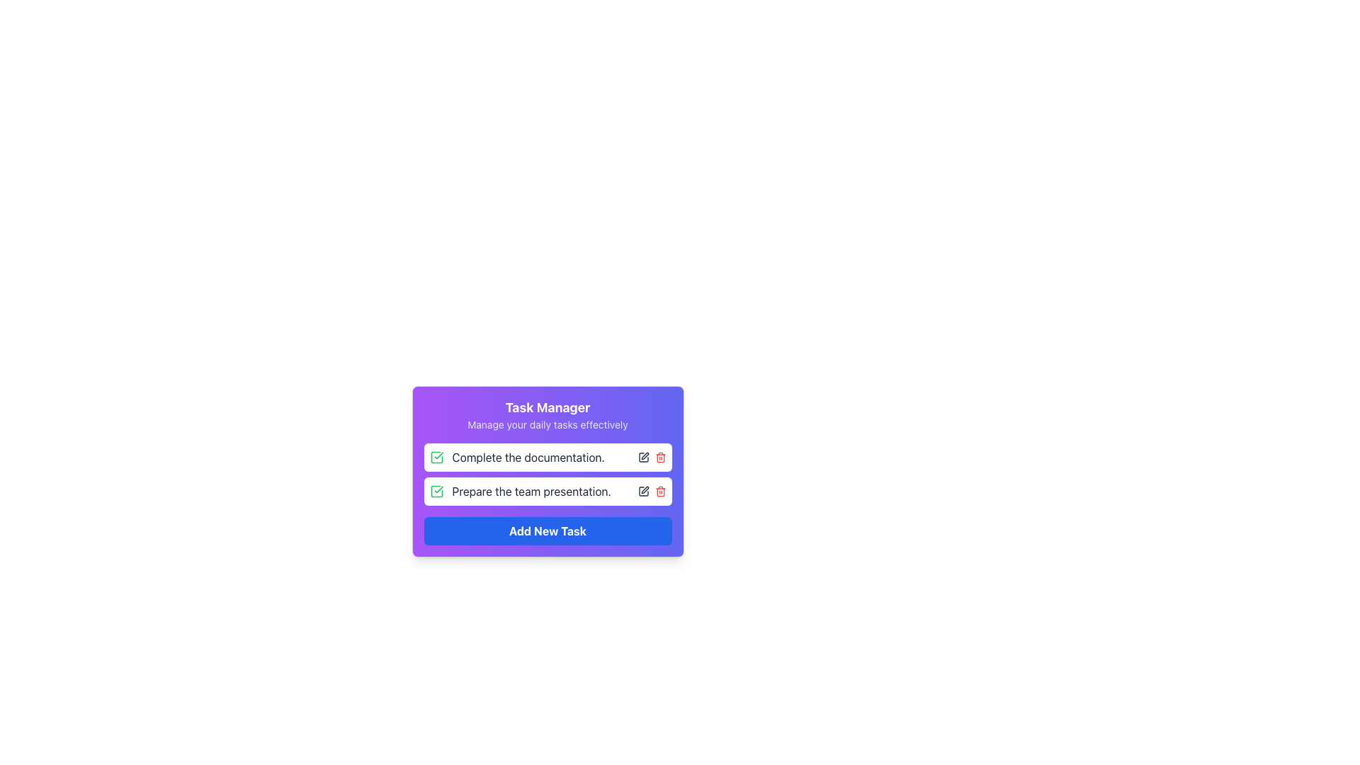 This screenshot has height=765, width=1360. What do you see at coordinates (436, 491) in the screenshot?
I see `the green square icon with a check mark, which is positioned at the start of the second row in the task list, preceding the text 'Prepare the team presentation.'` at bounding box center [436, 491].